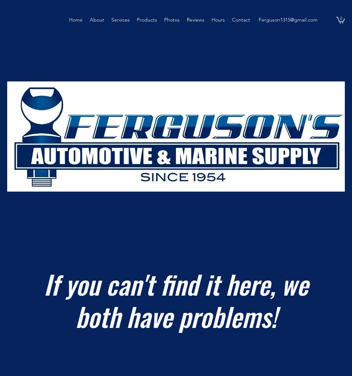 The width and height of the screenshot is (352, 376). What do you see at coordinates (69, 20) in the screenshot?
I see `'Home'` at bounding box center [69, 20].